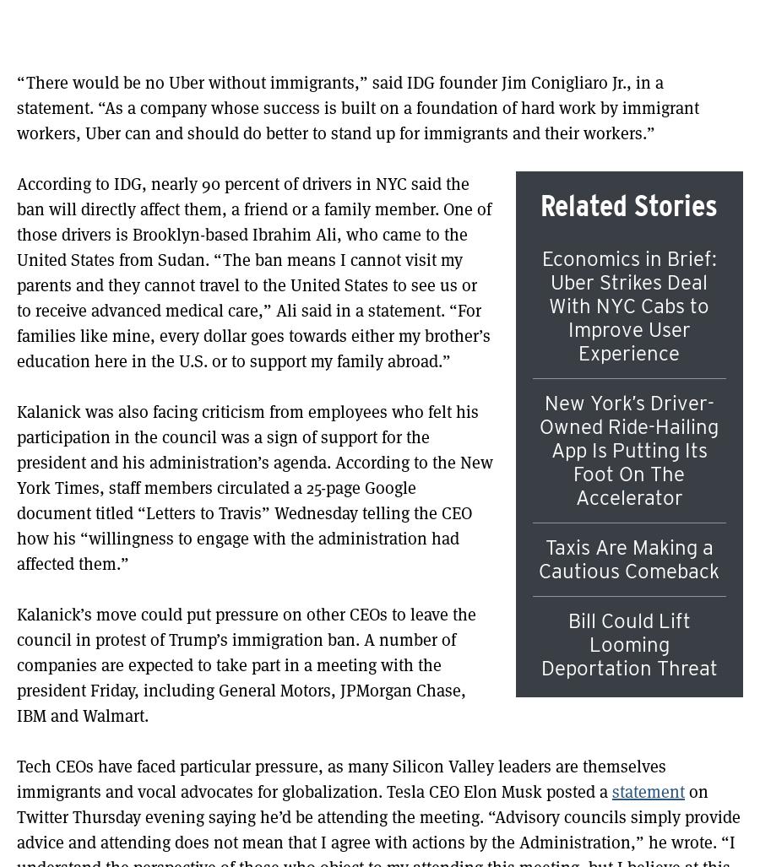 This screenshot has height=867, width=760. Describe the element at coordinates (341, 778) in the screenshot. I see `'Tech CEOs have faced particular pressure, as many Silicon Valley leaders are themselves immigrants and vocal advocates for globalization. Tesla CEO Elon Musk posted a'` at that location.